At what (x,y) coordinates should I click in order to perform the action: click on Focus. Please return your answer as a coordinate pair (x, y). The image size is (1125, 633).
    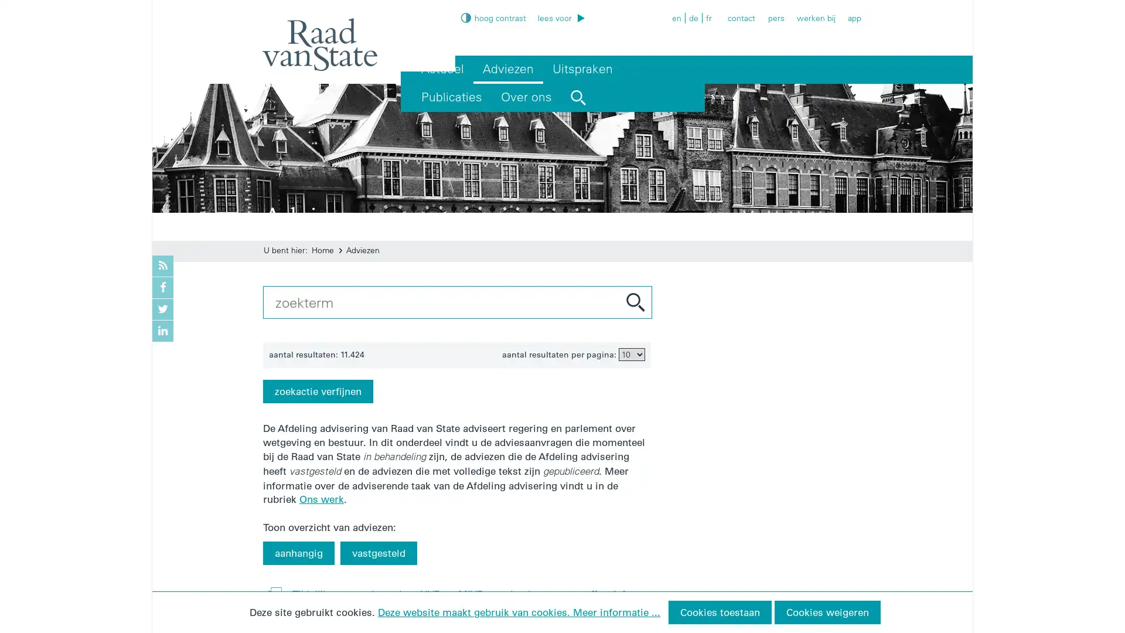
    Looking at the image, I should click on (589, 8).